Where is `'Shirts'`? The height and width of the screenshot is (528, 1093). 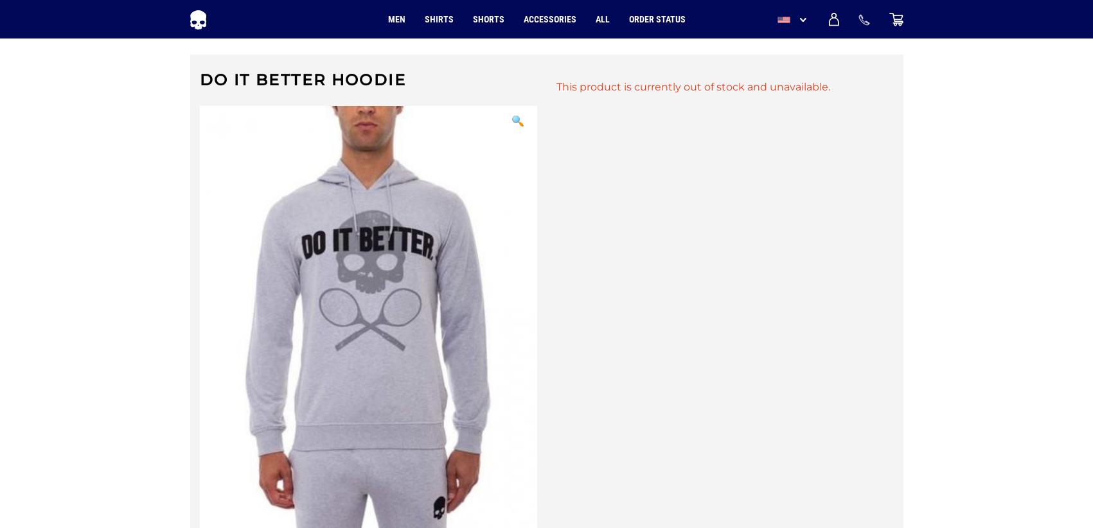
'Shirts' is located at coordinates (438, 19).